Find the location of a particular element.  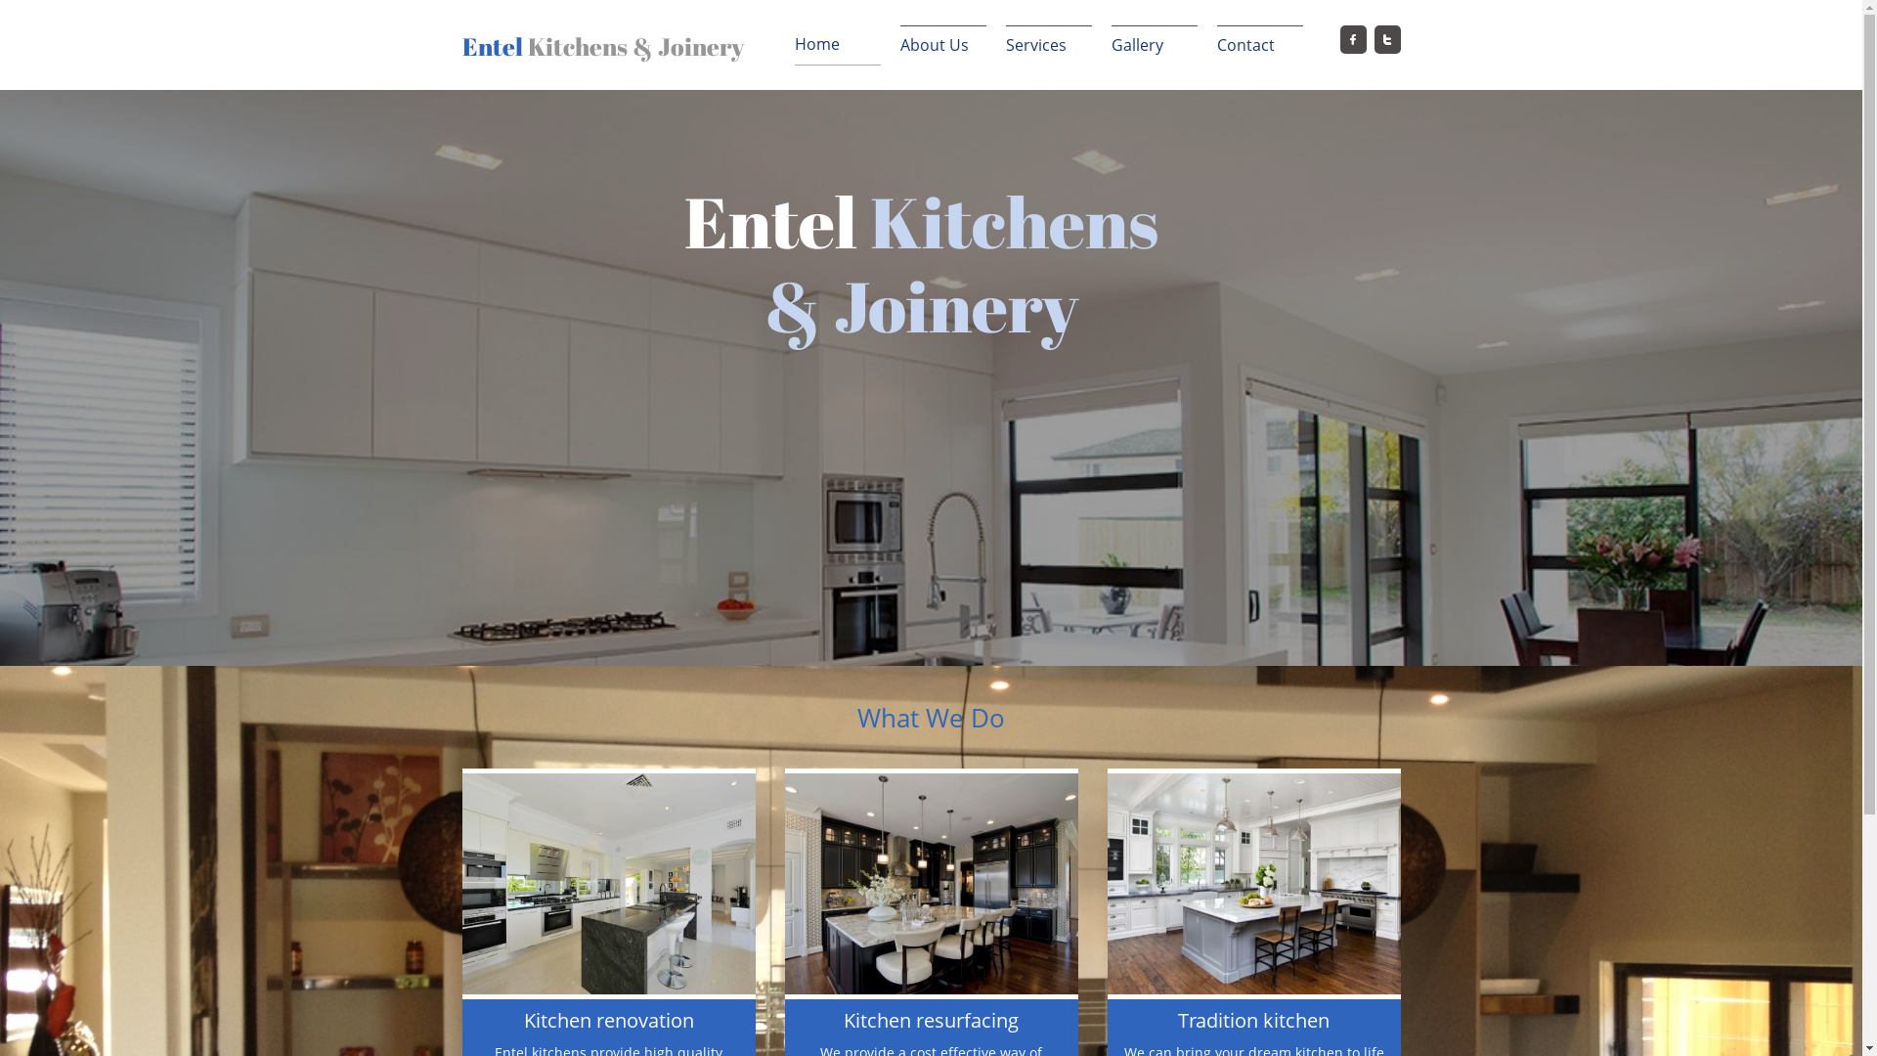

'Home' is located at coordinates (793, 44).